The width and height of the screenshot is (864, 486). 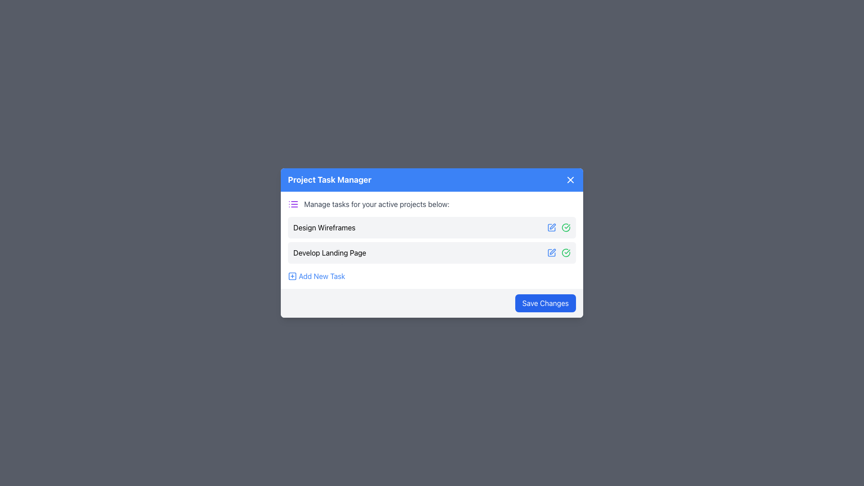 What do you see at coordinates (552, 252) in the screenshot?
I see `the edit icon button (pen-like icon) located in the second row of the task list, to the right of 'Develop Landing Page'` at bounding box center [552, 252].